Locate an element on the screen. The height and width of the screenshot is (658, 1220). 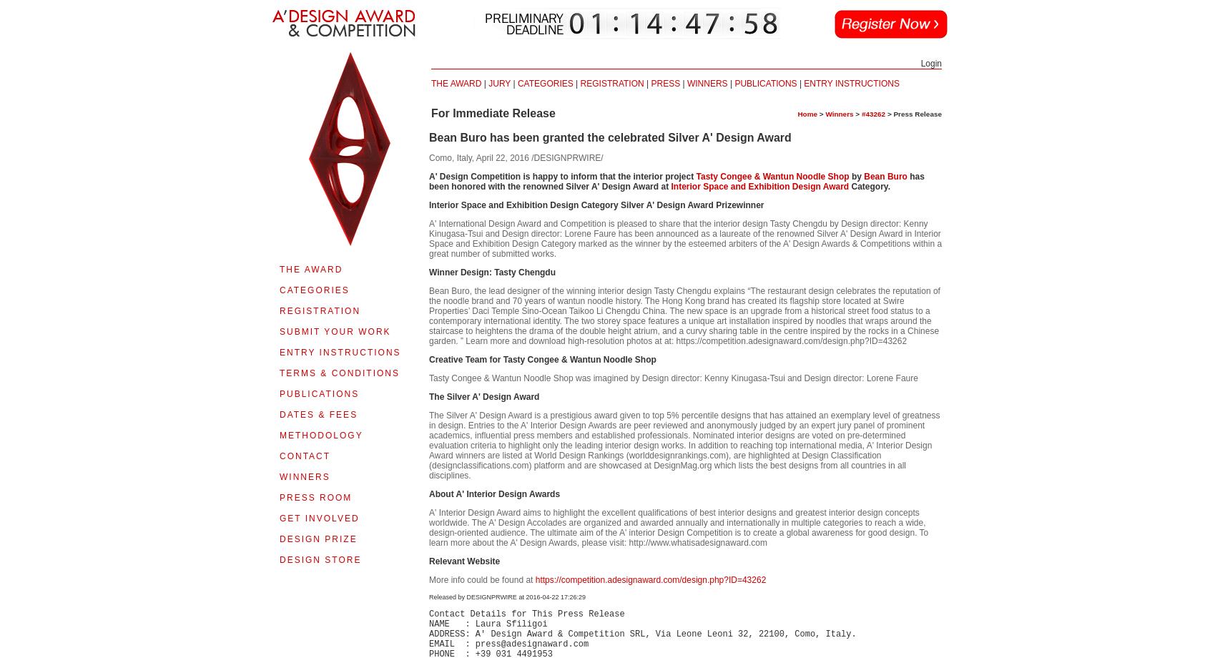
'Winner Design: Tasty Chengdu' is located at coordinates (491, 271).